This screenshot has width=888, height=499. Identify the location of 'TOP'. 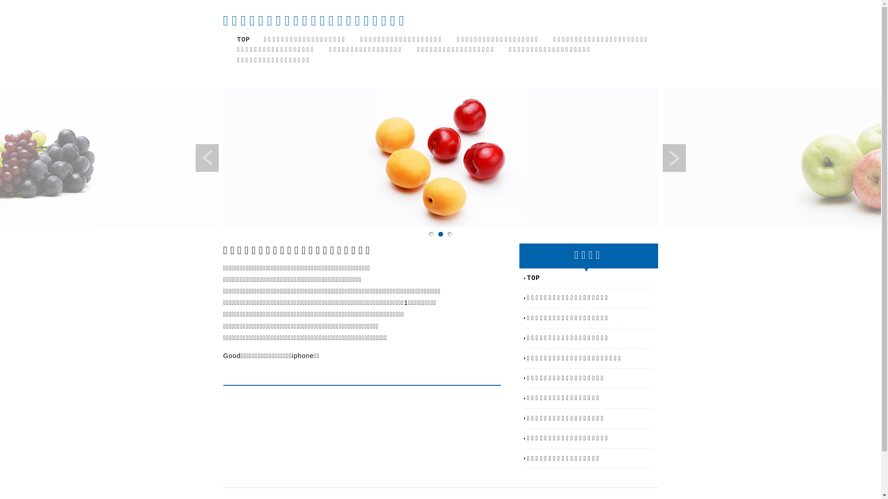
(527, 277).